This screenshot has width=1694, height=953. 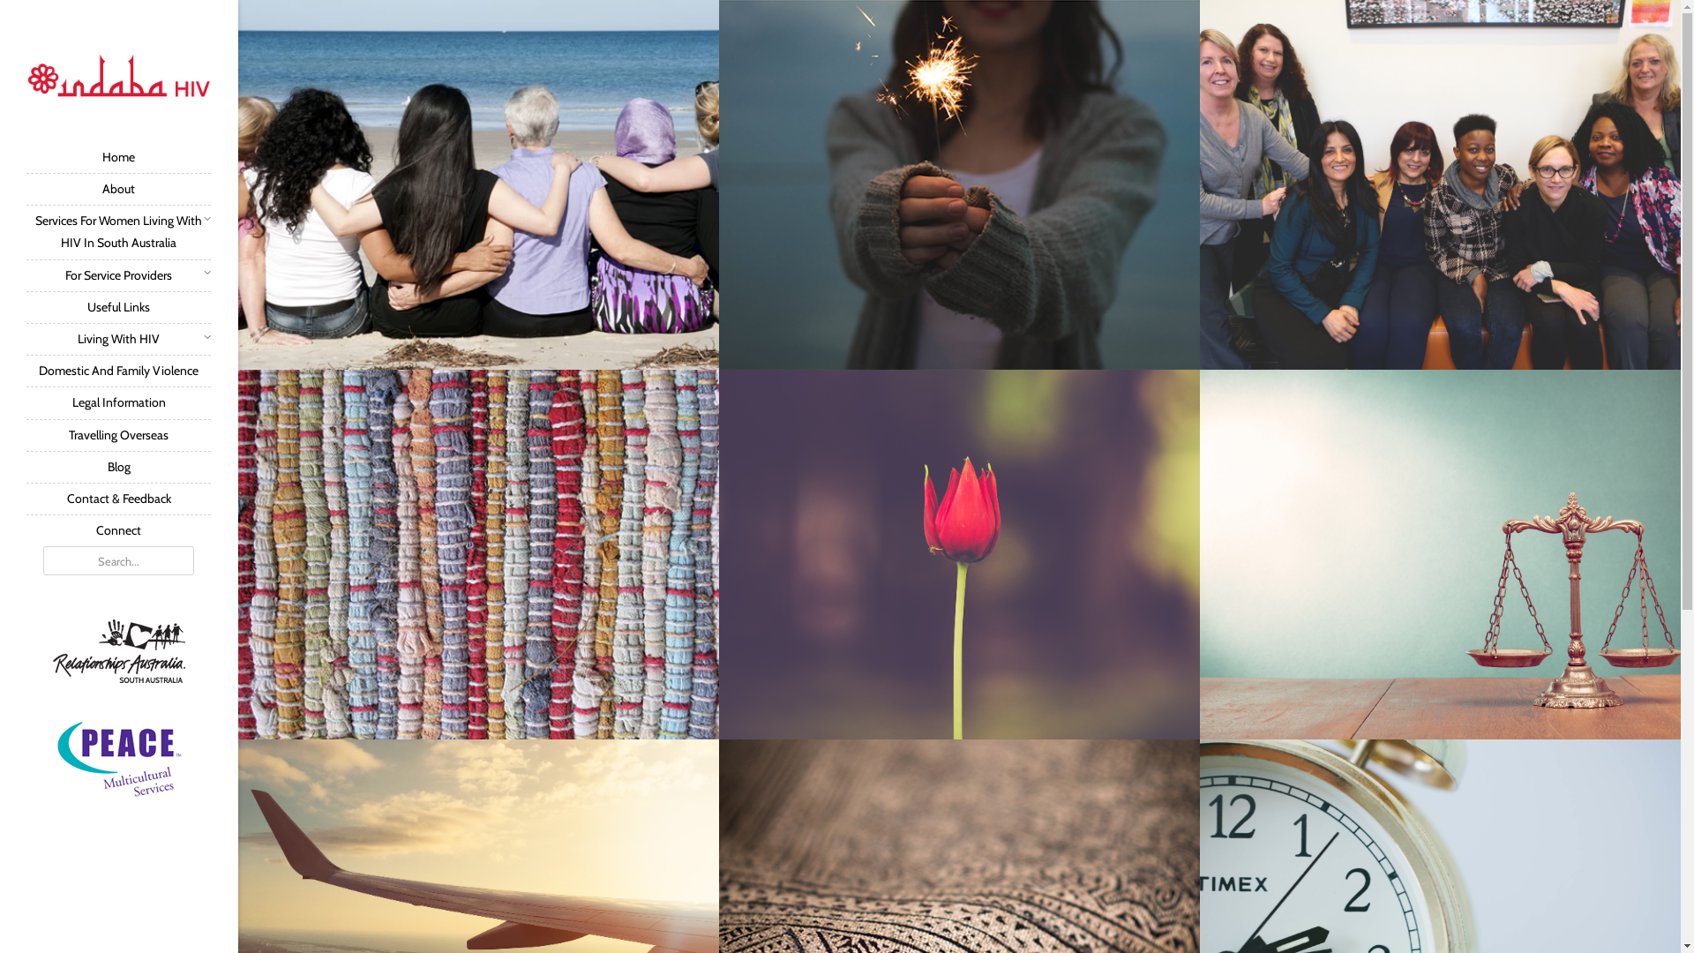 What do you see at coordinates (117, 465) in the screenshot?
I see `'Blog'` at bounding box center [117, 465].